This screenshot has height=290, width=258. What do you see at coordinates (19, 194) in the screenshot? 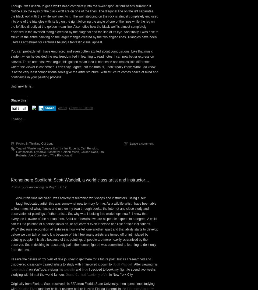
I see `'Share this:'` at bounding box center [19, 194].